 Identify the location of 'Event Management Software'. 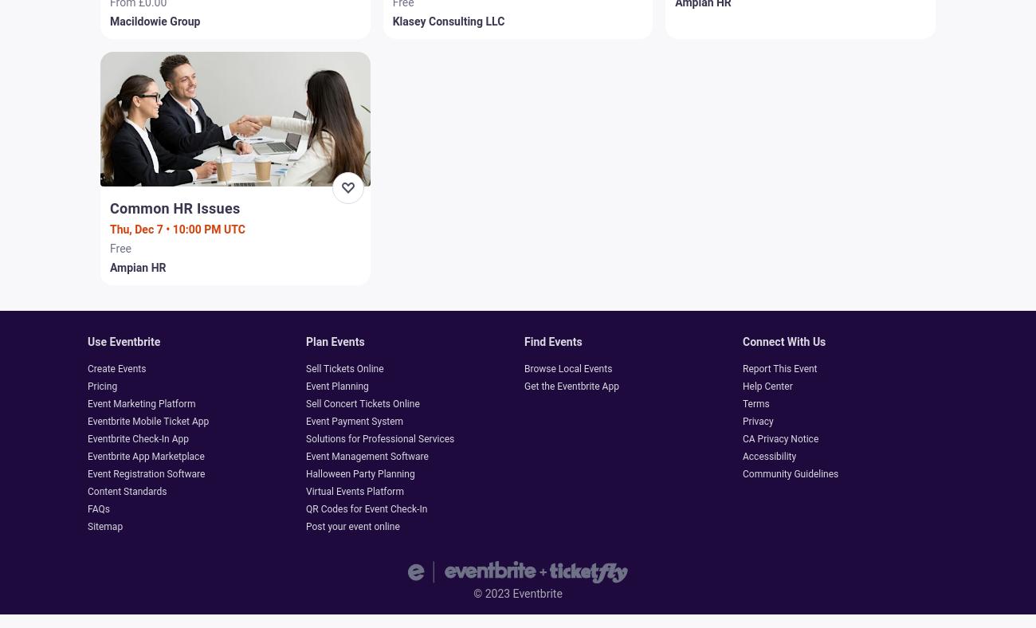
(366, 457).